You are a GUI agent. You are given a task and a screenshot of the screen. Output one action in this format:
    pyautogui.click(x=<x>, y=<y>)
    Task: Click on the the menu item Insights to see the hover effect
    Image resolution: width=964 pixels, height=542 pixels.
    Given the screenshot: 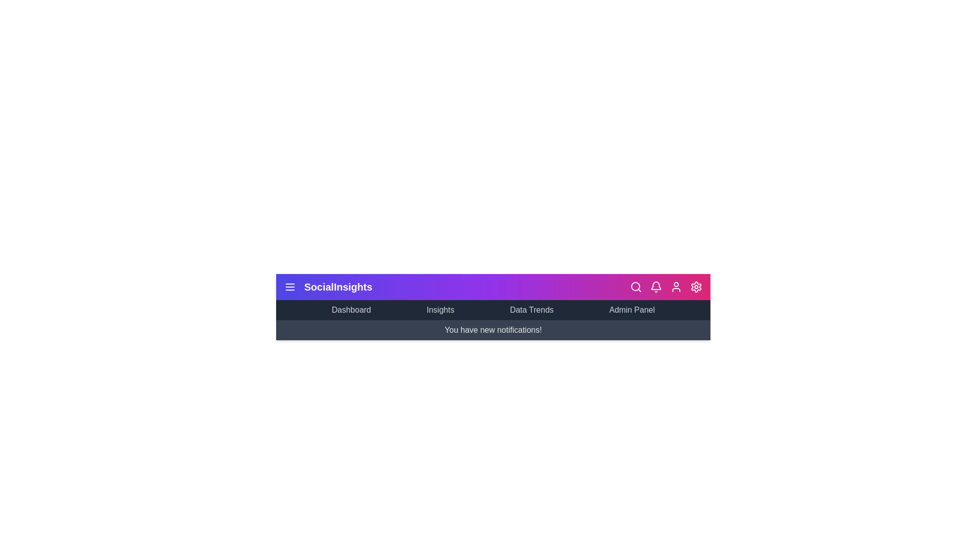 What is the action you would take?
    pyautogui.click(x=440, y=309)
    